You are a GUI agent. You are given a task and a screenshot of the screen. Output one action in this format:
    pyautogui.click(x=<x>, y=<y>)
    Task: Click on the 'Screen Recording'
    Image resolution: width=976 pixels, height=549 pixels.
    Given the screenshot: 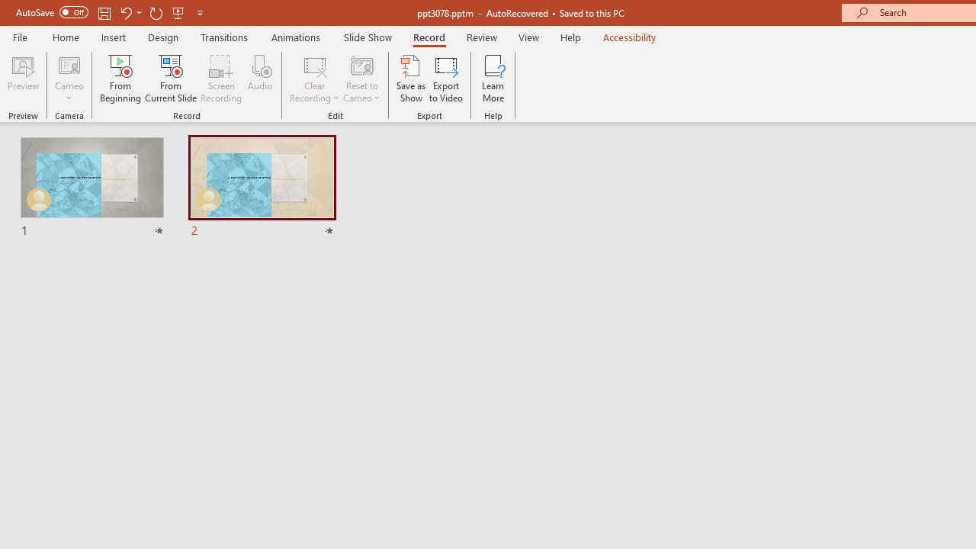 What is the action you would take?
    pyautogui.click(x=220, y=79)
    